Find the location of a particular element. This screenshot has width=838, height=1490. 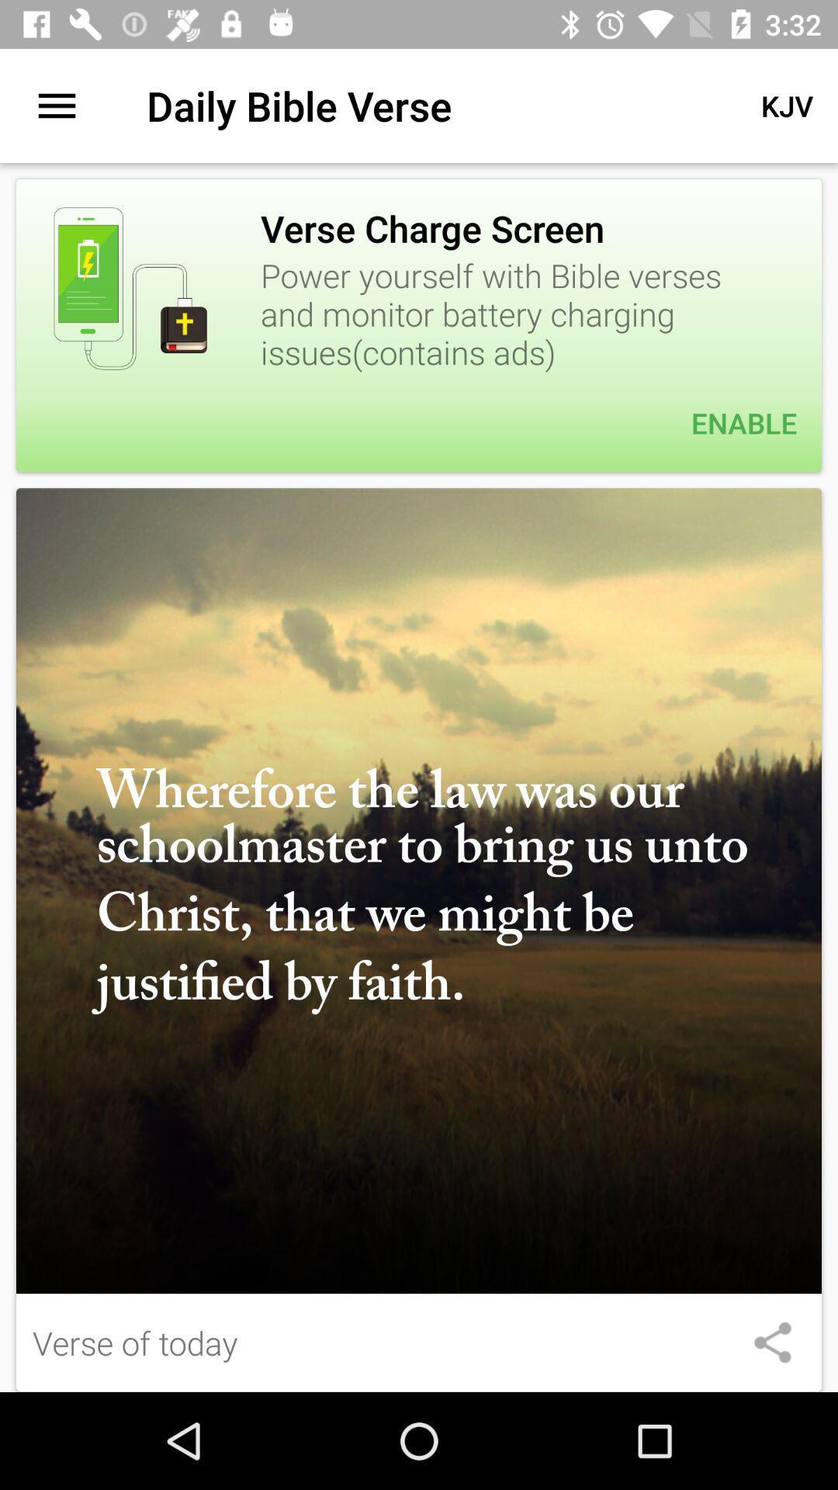

the item to the left of daily bible verse item is located at coordinates (56, 105).